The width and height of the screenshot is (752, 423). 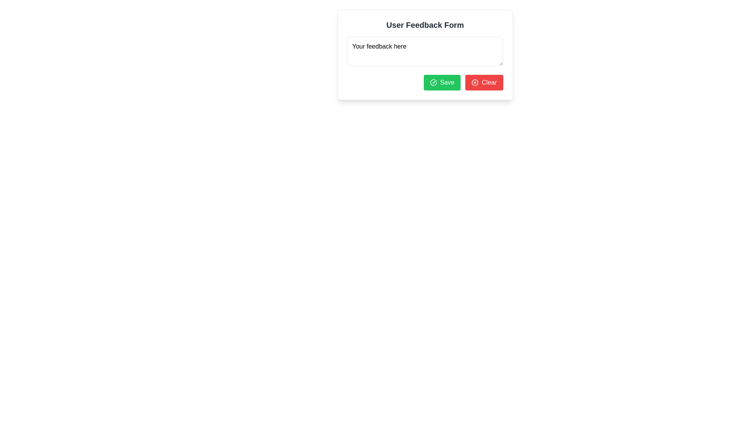 I want to click on the circular graphical representation within the icon located at the top right section of the interface, near the form's title, so click(x=475, y=83).